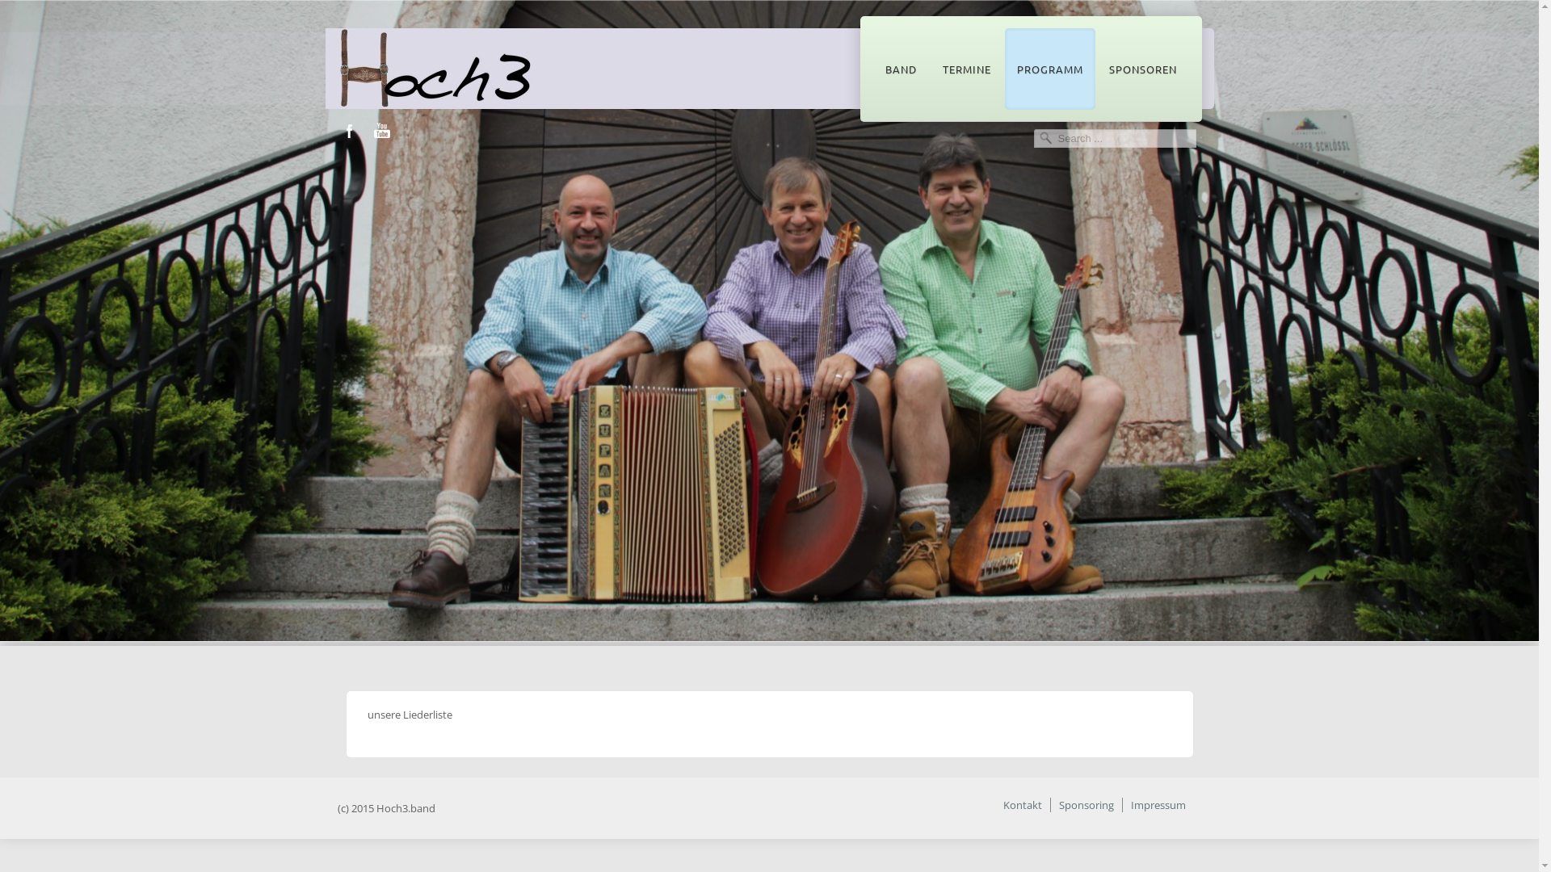  I want to click on 'Kontakt', so click(994, 804).